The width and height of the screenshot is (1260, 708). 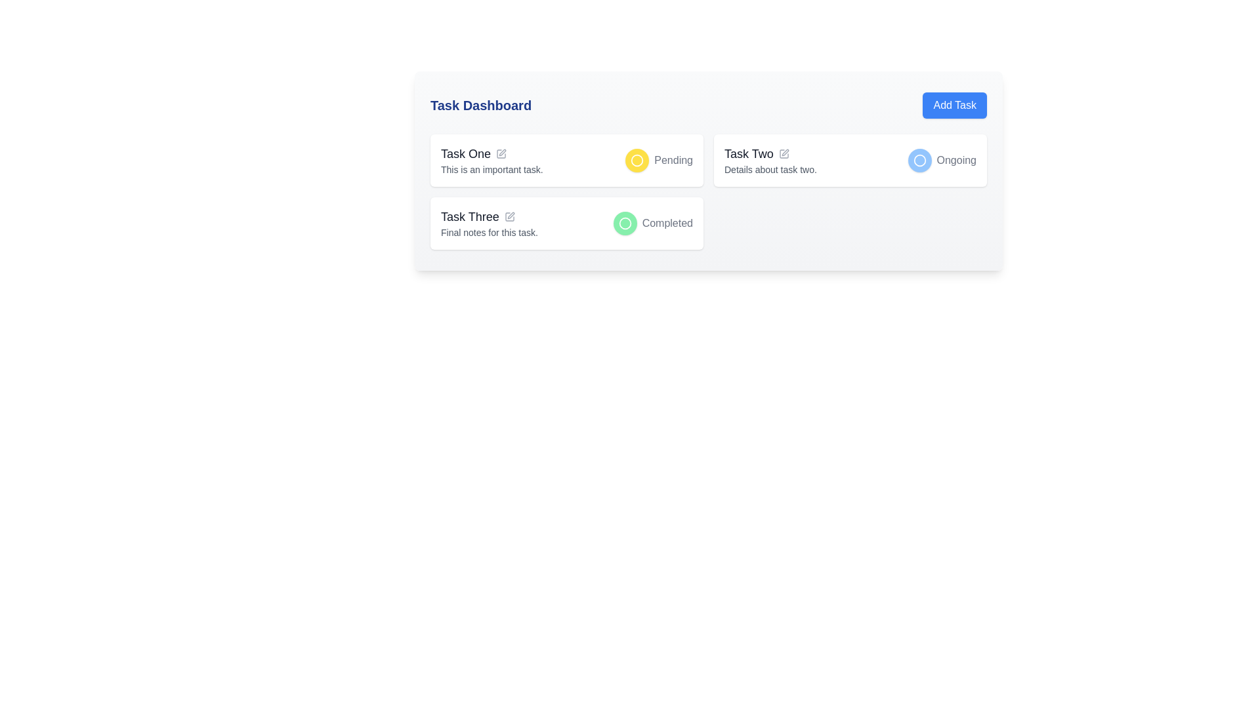 I want to click on the 'Task Three' text label that displays the task name in bold, large font, located at the top-left inside the task card layout, so click(x=470, y=216).